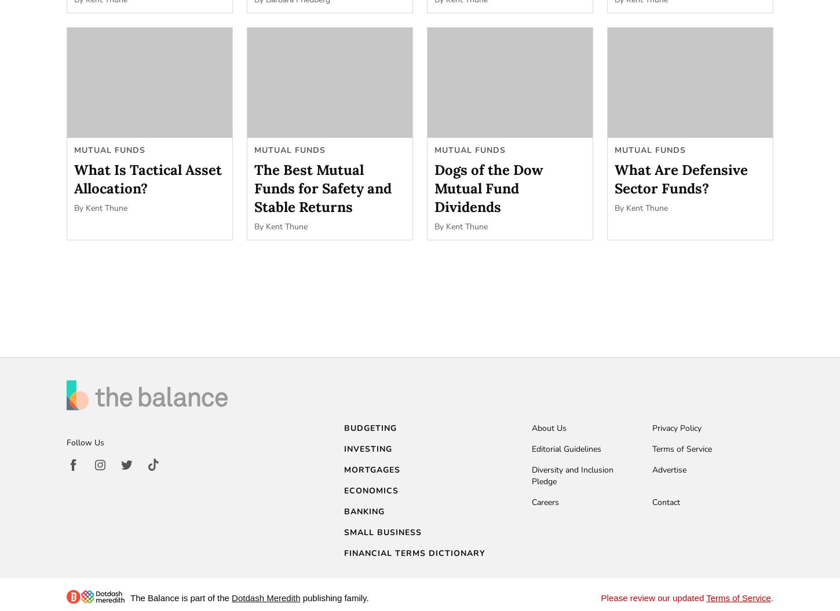  I want to click on 'Financial Terms Dictionary', so click(413, 553).